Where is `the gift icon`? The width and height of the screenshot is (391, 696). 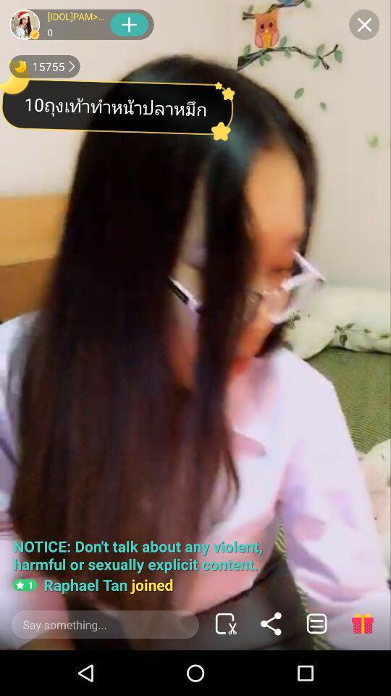 the gift icon is located at coordinates (361, 623).